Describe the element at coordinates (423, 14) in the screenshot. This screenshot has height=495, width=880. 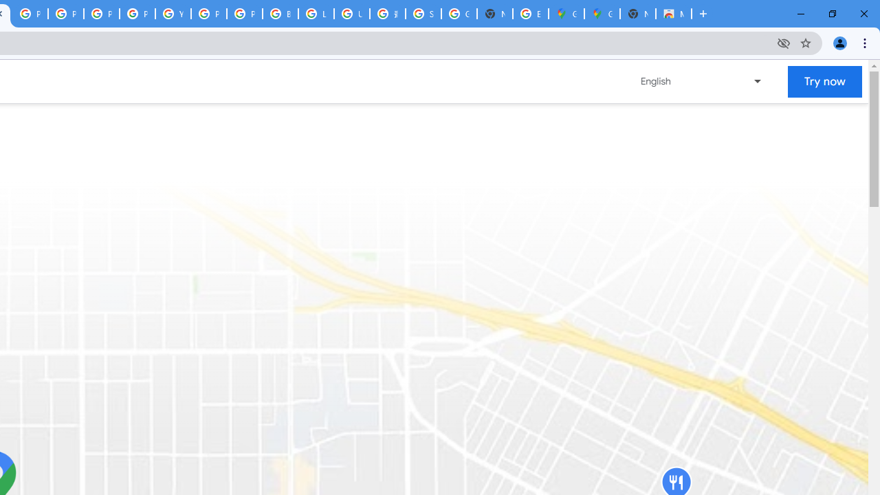
I see `'Sign in - Google Accounts'` at that location.